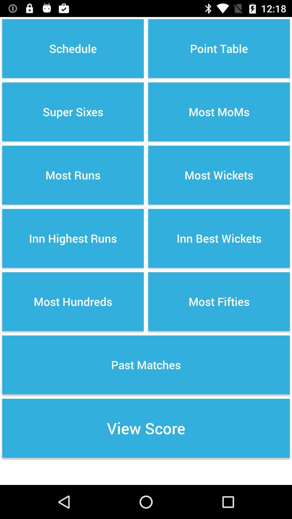 The width and height of the screenshot is (292, 519). Describe the element at coordinates (219, 175) in the screenshot. I see `the icon to the right of the super sixes icon` at that location.